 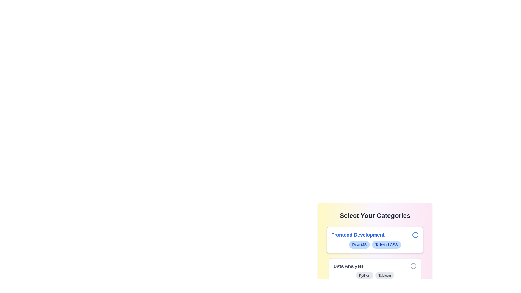 I want to click on the chip corresponding to Data Analysis by clicking its circle icon, so click(x=413, y=266).